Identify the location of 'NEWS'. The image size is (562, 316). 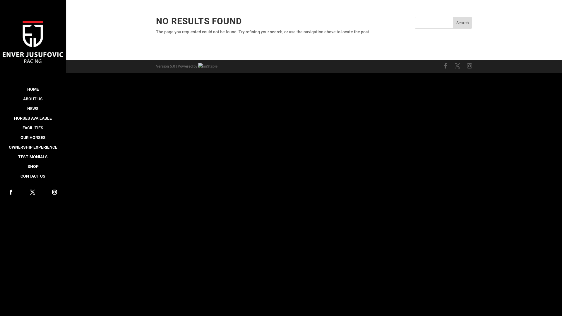
(32, 111).